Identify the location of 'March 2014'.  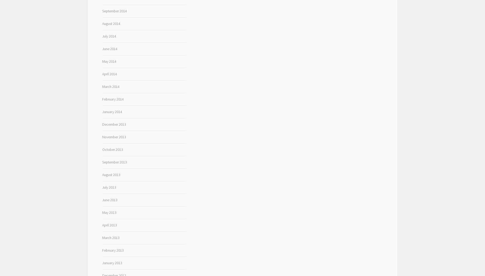
(110, 86).